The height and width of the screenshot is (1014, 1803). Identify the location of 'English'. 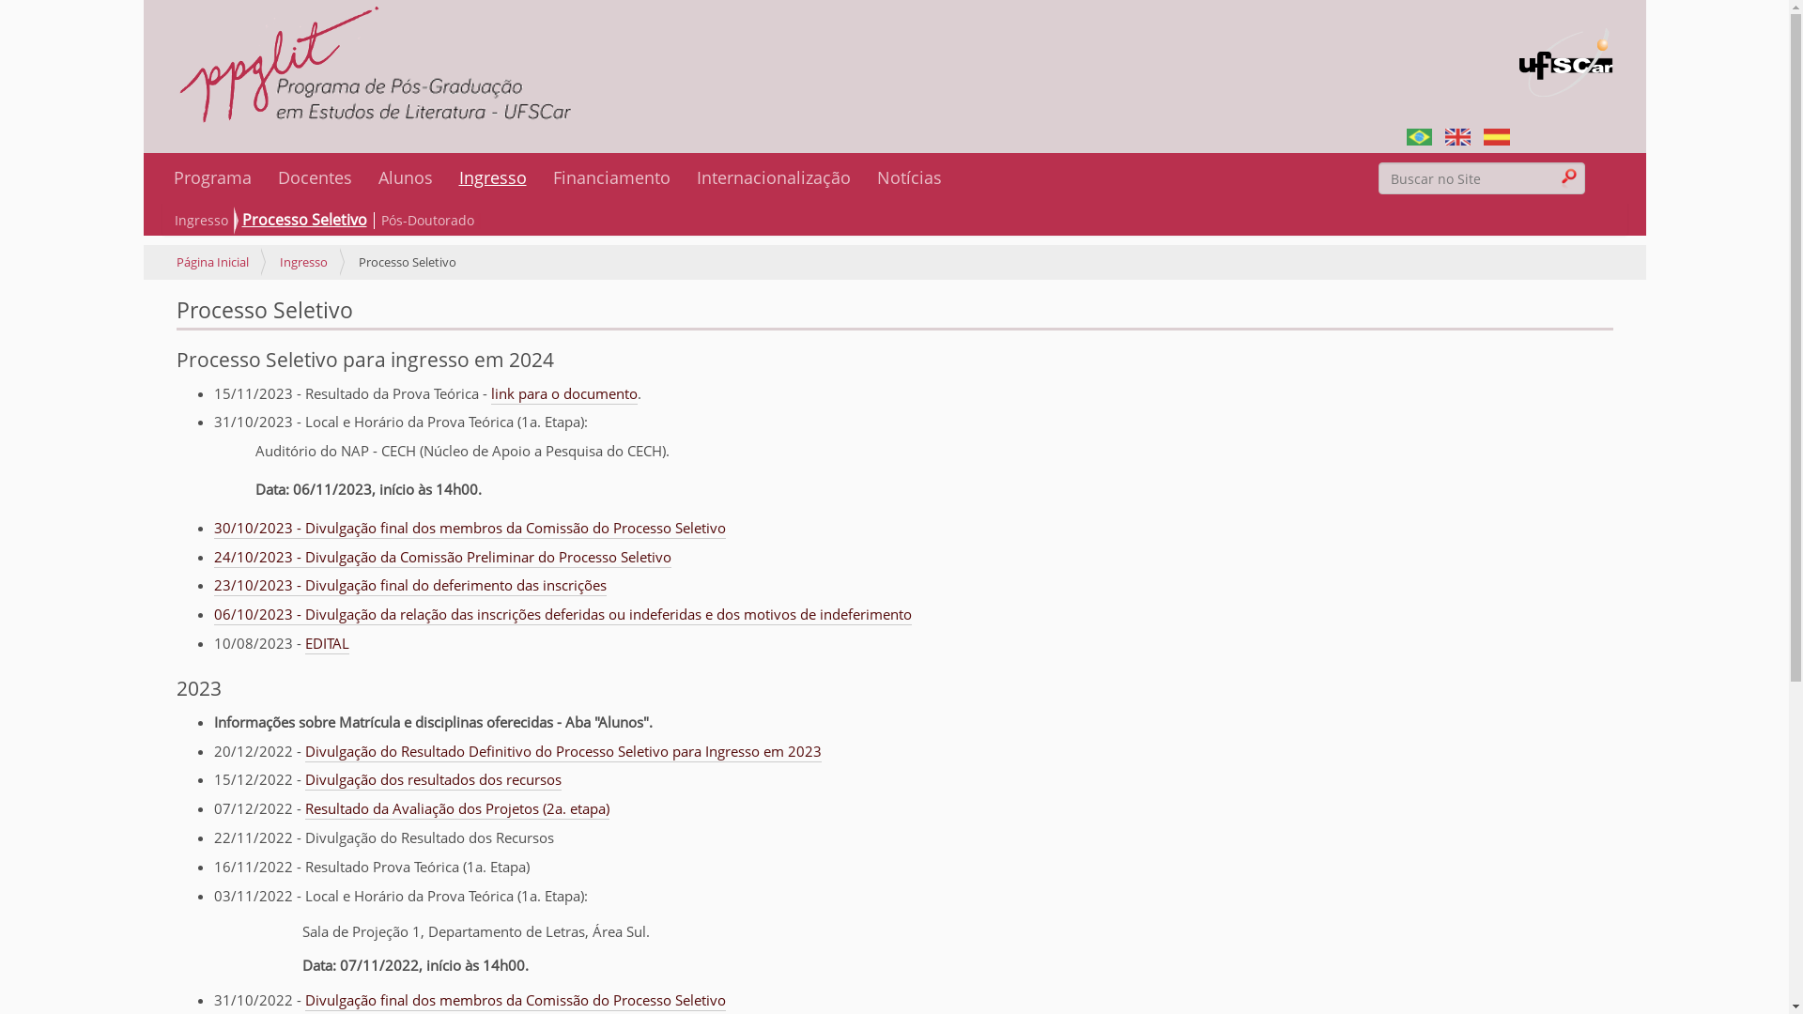
(1456, 134).